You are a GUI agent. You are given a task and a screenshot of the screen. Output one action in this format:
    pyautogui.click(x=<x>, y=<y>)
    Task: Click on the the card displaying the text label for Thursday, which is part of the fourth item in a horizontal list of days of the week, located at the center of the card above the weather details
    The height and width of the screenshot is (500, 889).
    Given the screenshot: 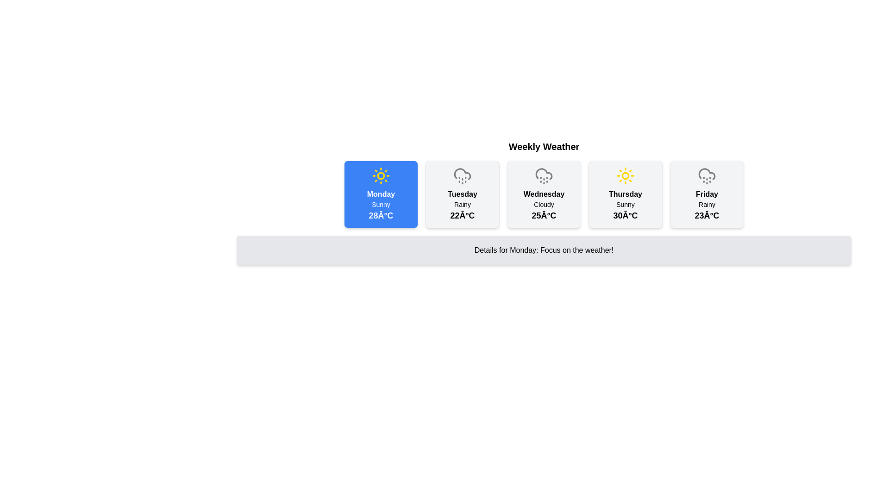 What is the action you would take?
    pyautogui.click(x=625, y=194)
    